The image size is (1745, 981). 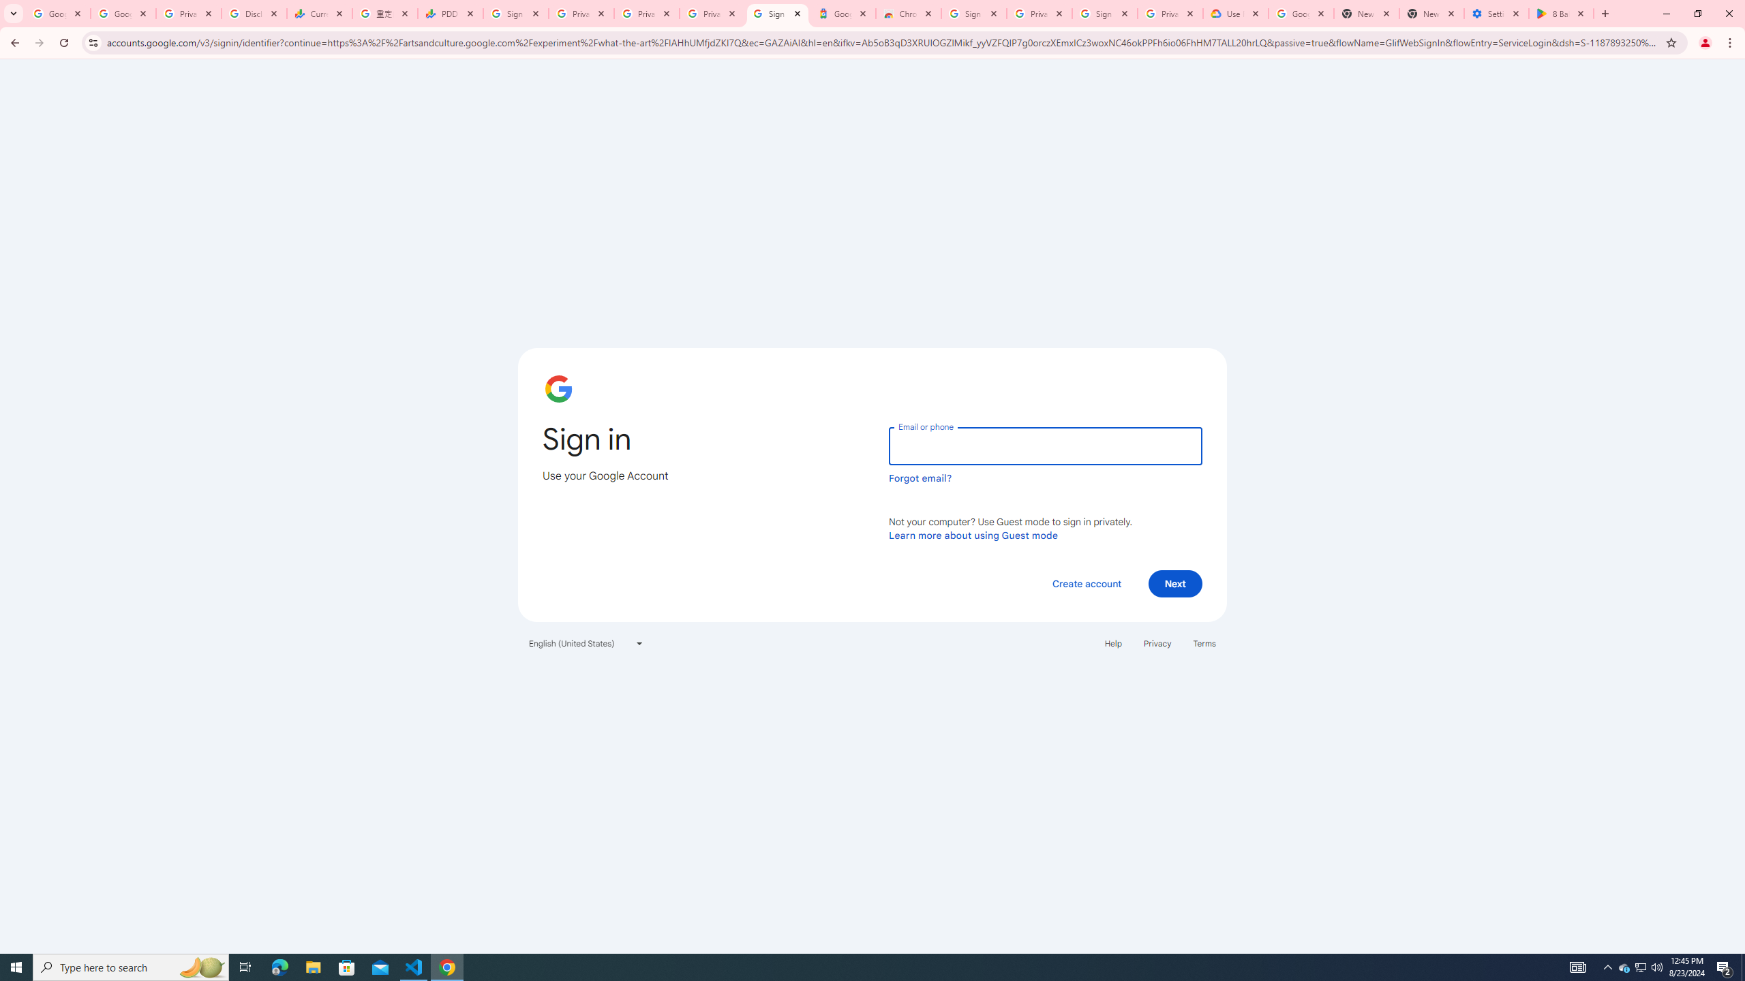 I want to click on '8 Ball Pool - Apps on Google Play', so click(x=1561, y=13).